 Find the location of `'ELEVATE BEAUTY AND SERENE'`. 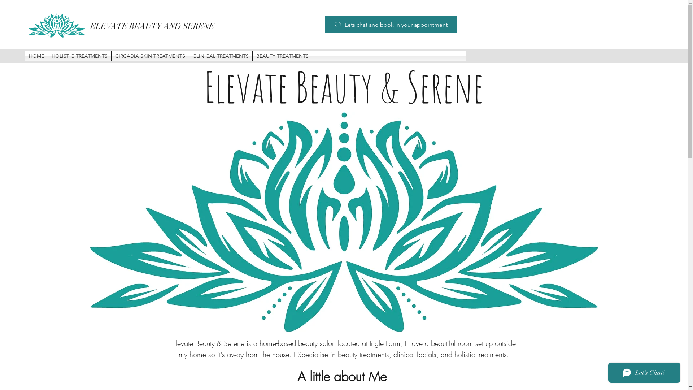

'ELEVATE BEAUTY AND SERENE' is located at coordinates (152, 26).